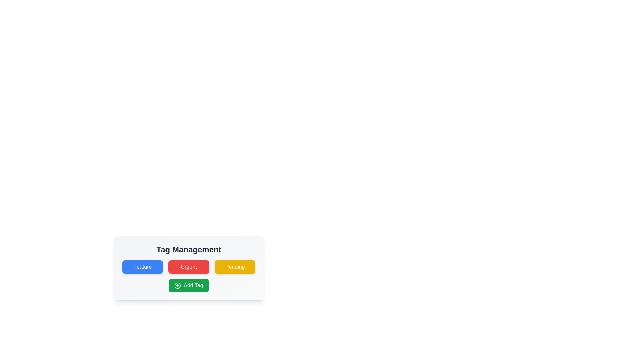 The height and width of the screenshot is (360, 640). What do you see at coordinates (235, 267) in the screenshot?
I see `the tag labeled Pending to observe its hover effect` at bounding box center [235, 267].